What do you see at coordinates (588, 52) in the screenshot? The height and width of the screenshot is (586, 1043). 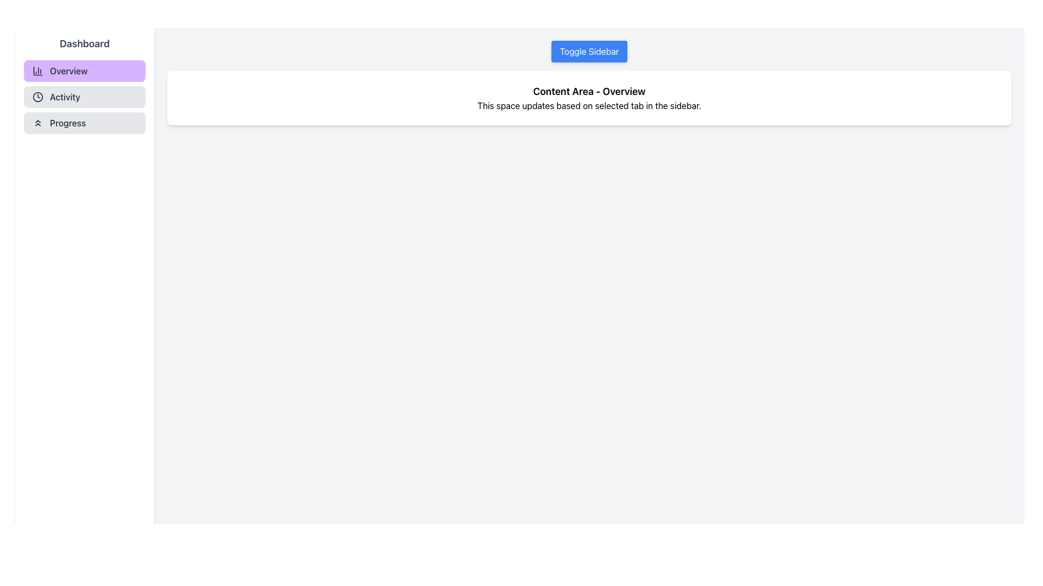 I see `the rectangular button with a blue background and white text reading 'Toggle Sidebar'` at bounding box center [588, 52].